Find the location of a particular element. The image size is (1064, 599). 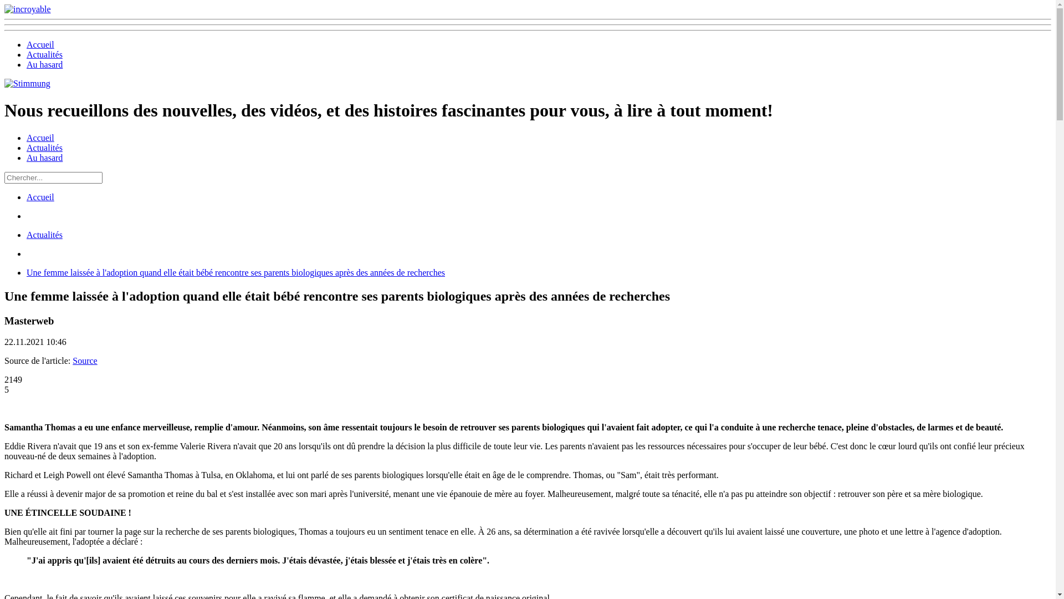

'Au hasard' is located at coordinates (44, 158).